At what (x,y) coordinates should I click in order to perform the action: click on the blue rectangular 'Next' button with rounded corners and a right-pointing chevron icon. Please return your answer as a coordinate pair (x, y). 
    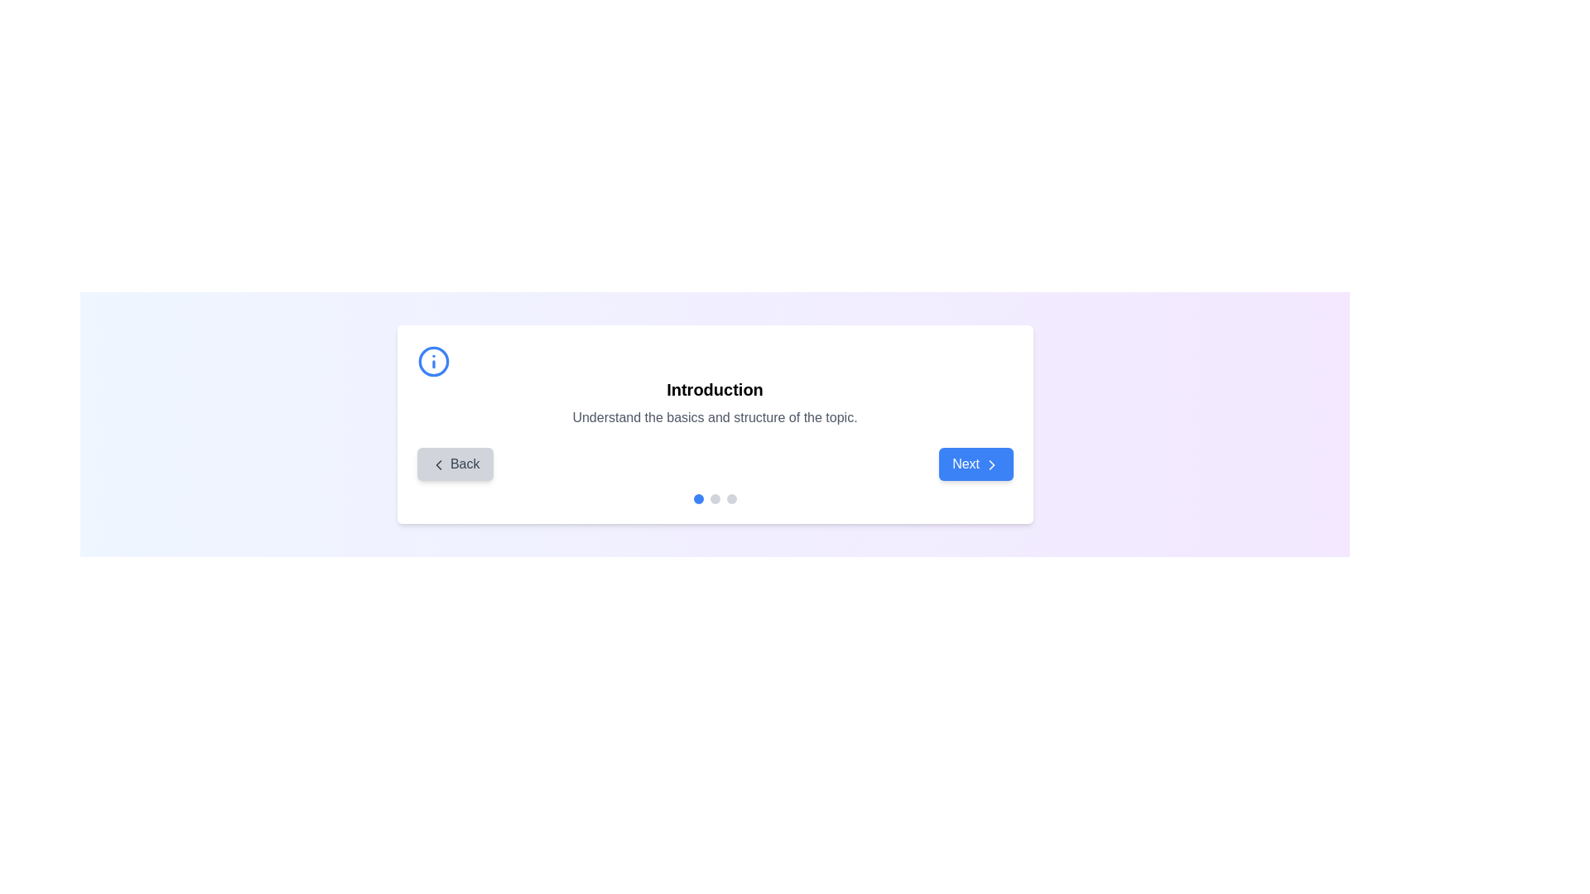
    Looking at the image, I should click on (976, 464).